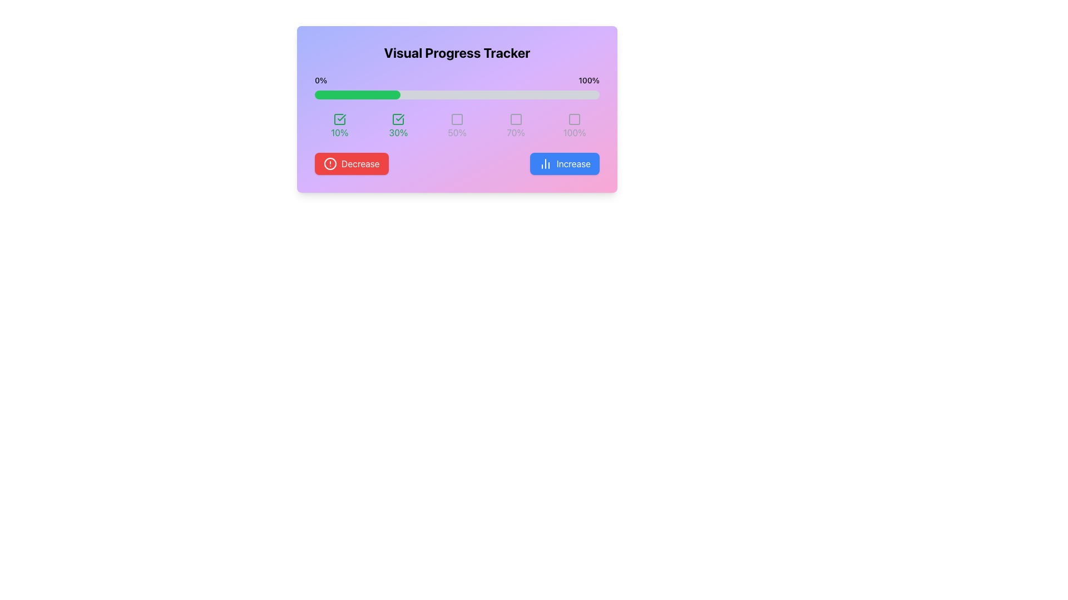  Describe the element at coordinates (398, 119) in the screenshot. I see `the second checkbox element in the row, which has an outline of a square and a tick mark inside, positioned above the label '30%'` at that location.